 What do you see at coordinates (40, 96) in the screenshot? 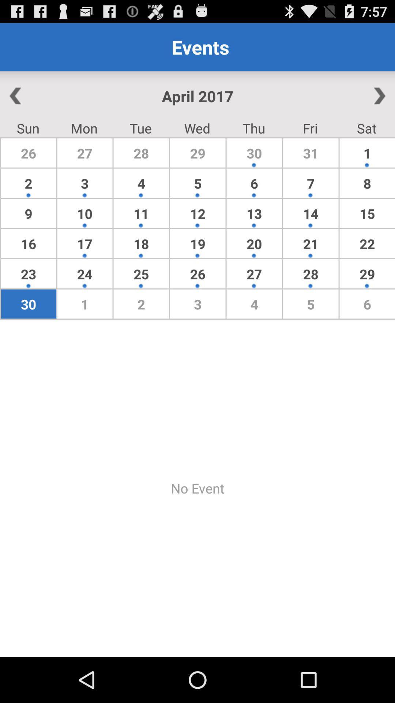
I see `the item to the left of april 2017 button` at bounding box center [40, 96].